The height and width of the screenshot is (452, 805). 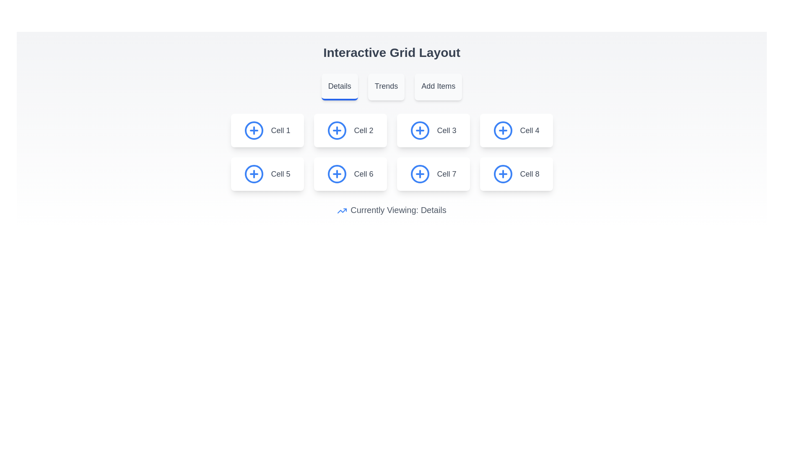 What do you see at coordinates (337, 174) in the screenshot?
I see `the circular blue outline with a plus sign located in Cell 6 of the grid layout` at bounding box center [337, 174].